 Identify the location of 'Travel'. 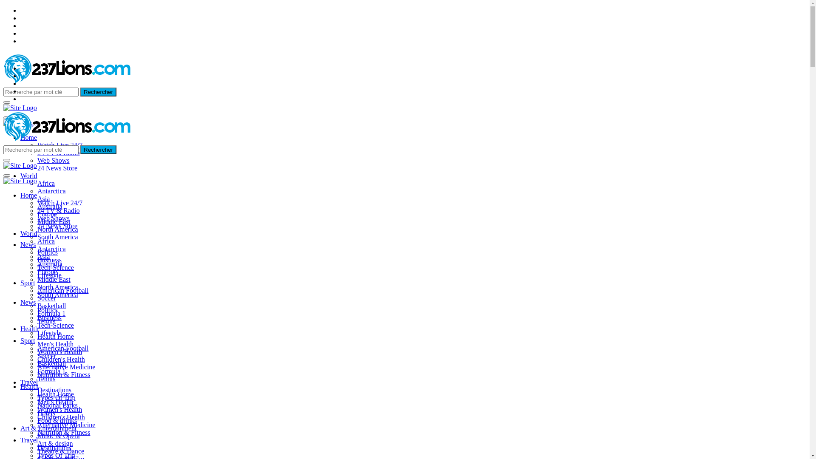
(29, 440).